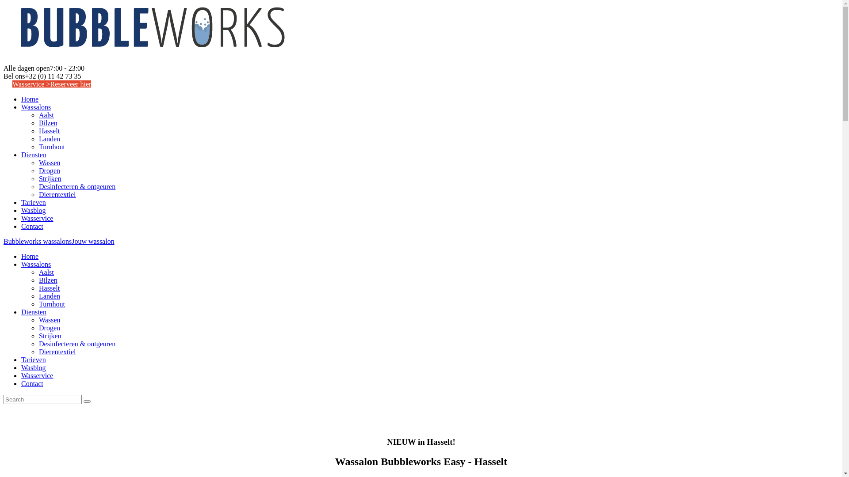 The width and height of the screenshot is (849, 477). I want to click on 'Bubbleworks wassalonsJouw wassalon', so click(58, 241).